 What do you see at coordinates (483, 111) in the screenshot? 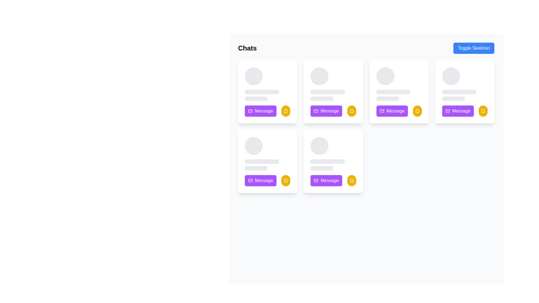
I see `the yellow bookmark icon located in the bottom-right corner of the card, adjacent to the 'Message' button` at bounding box center [483, 111].